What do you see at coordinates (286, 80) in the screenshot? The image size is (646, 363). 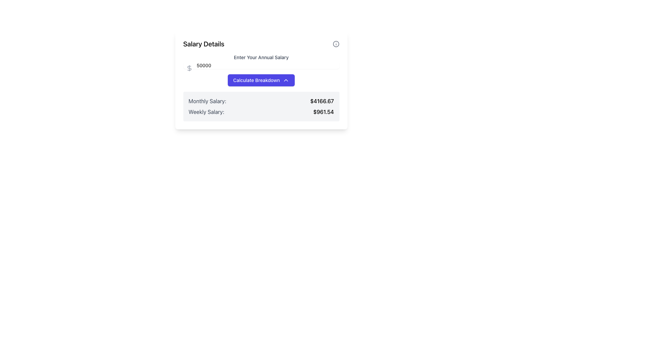 I see `the downward-pointing chevron icon located to the right of the text 'Calculate Breakdown' within the blue button` at bounding box center [286, 80].